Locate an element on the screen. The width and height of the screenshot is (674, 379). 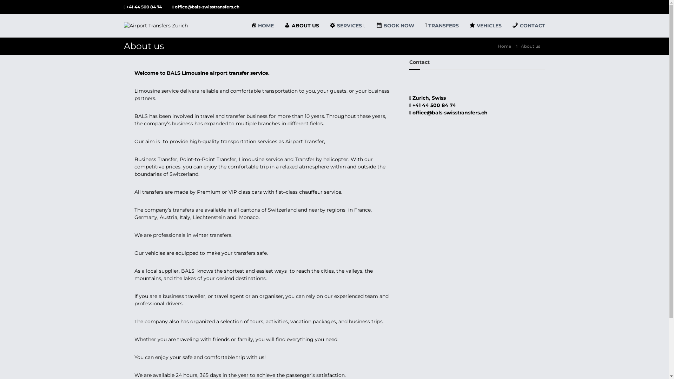
'TRANSFERS' is located at coordinates (424, 25).